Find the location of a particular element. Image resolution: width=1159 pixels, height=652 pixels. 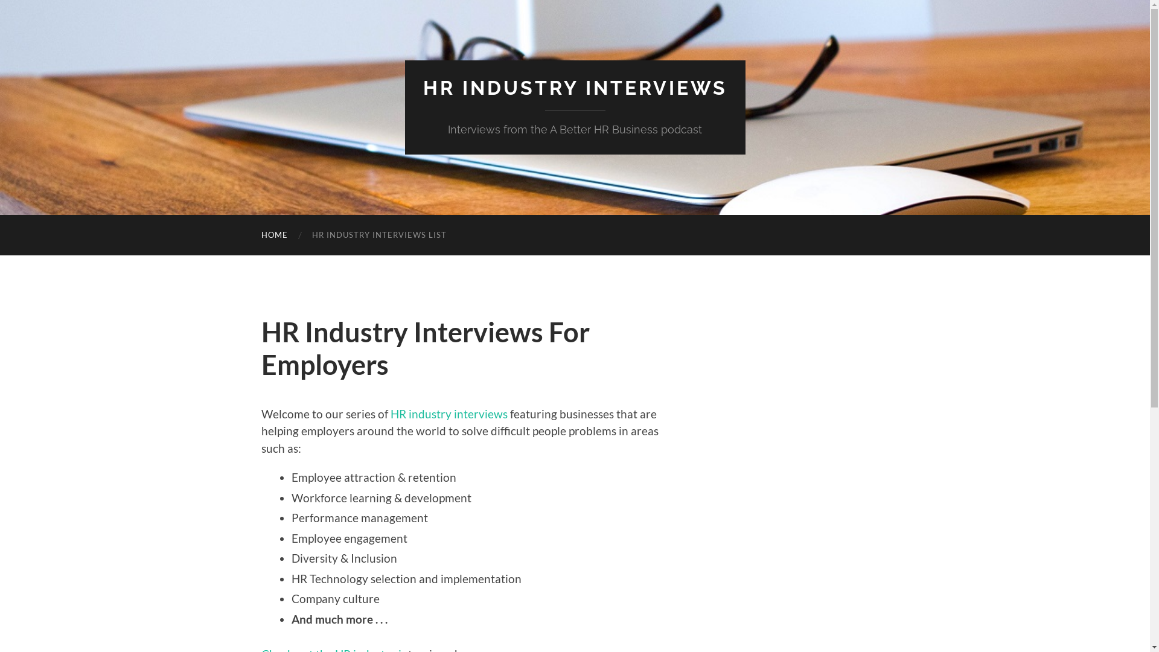

'HR industry interviews' is located at coordinates (390, 413).